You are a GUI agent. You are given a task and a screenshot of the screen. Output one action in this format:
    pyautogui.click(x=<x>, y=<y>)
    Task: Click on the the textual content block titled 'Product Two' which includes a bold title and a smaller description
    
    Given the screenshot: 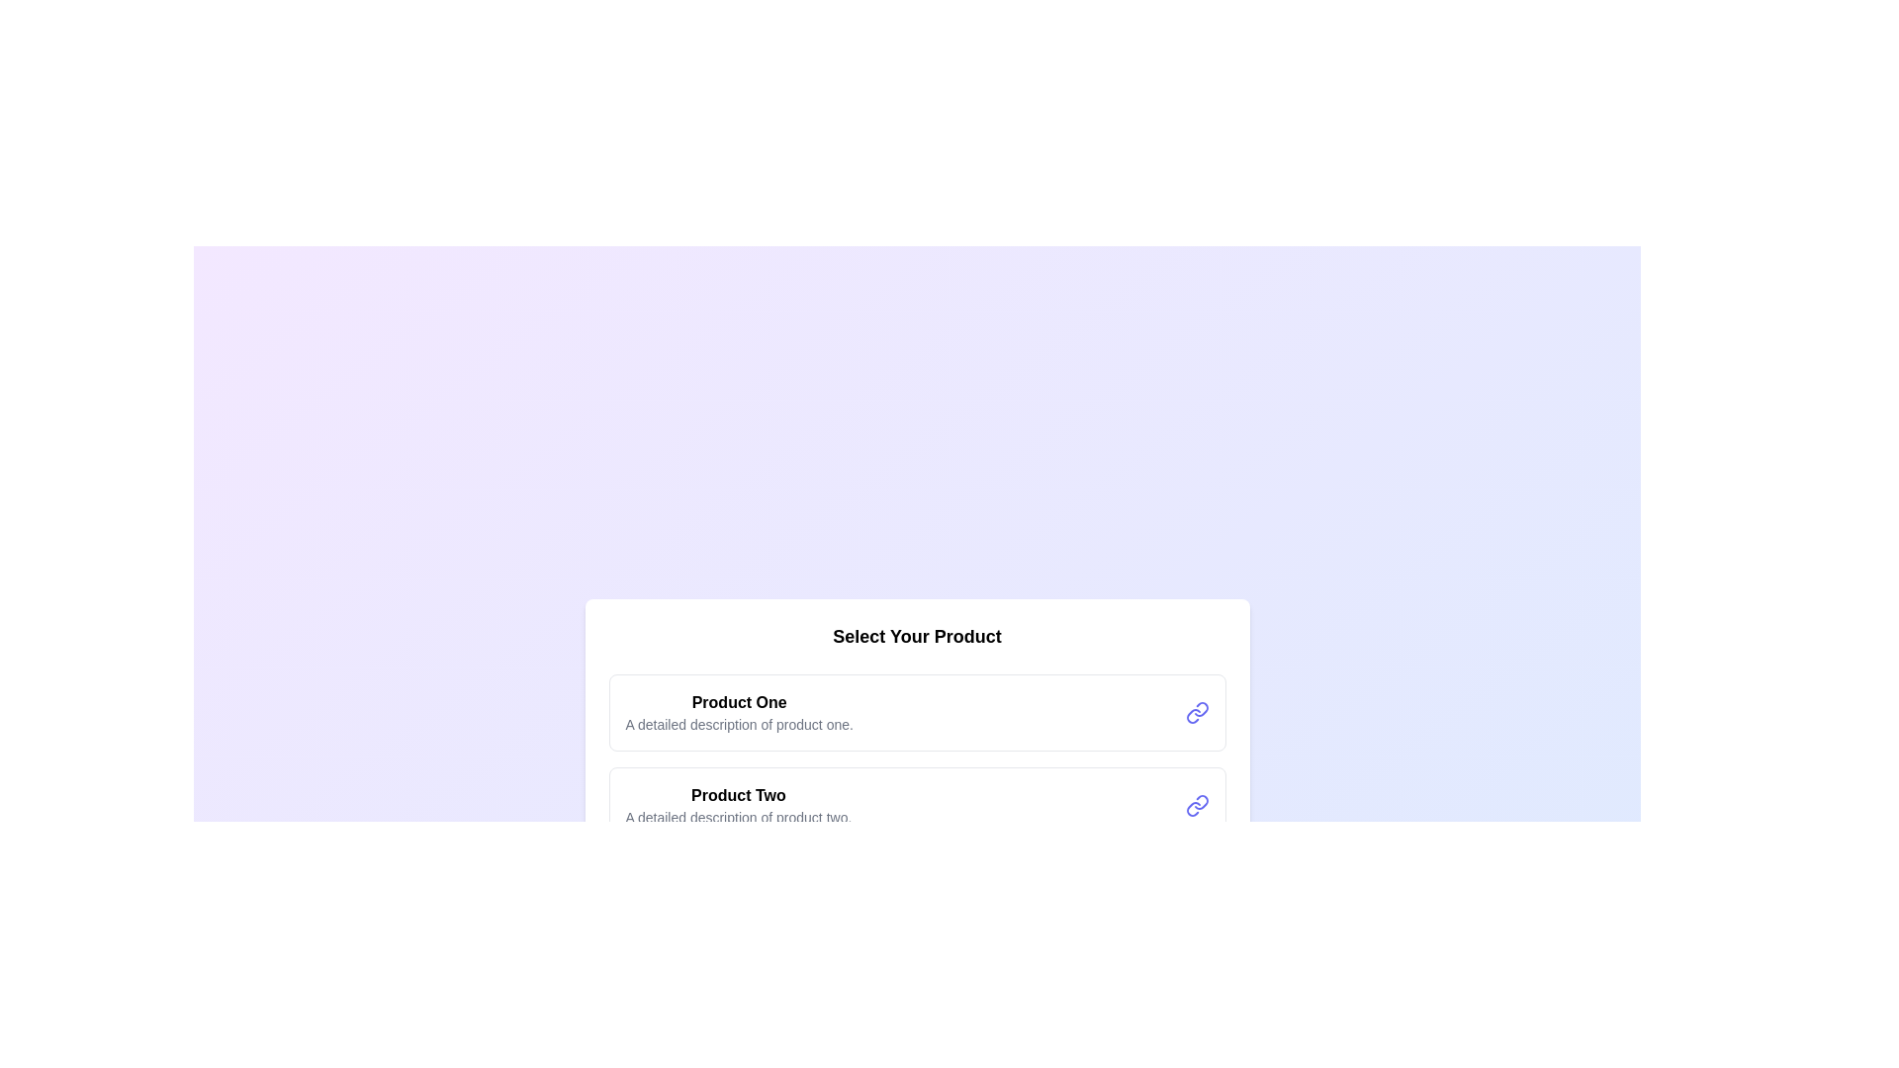 What is the action you would take?
    pyautogui.click(x=737, y=805)
    